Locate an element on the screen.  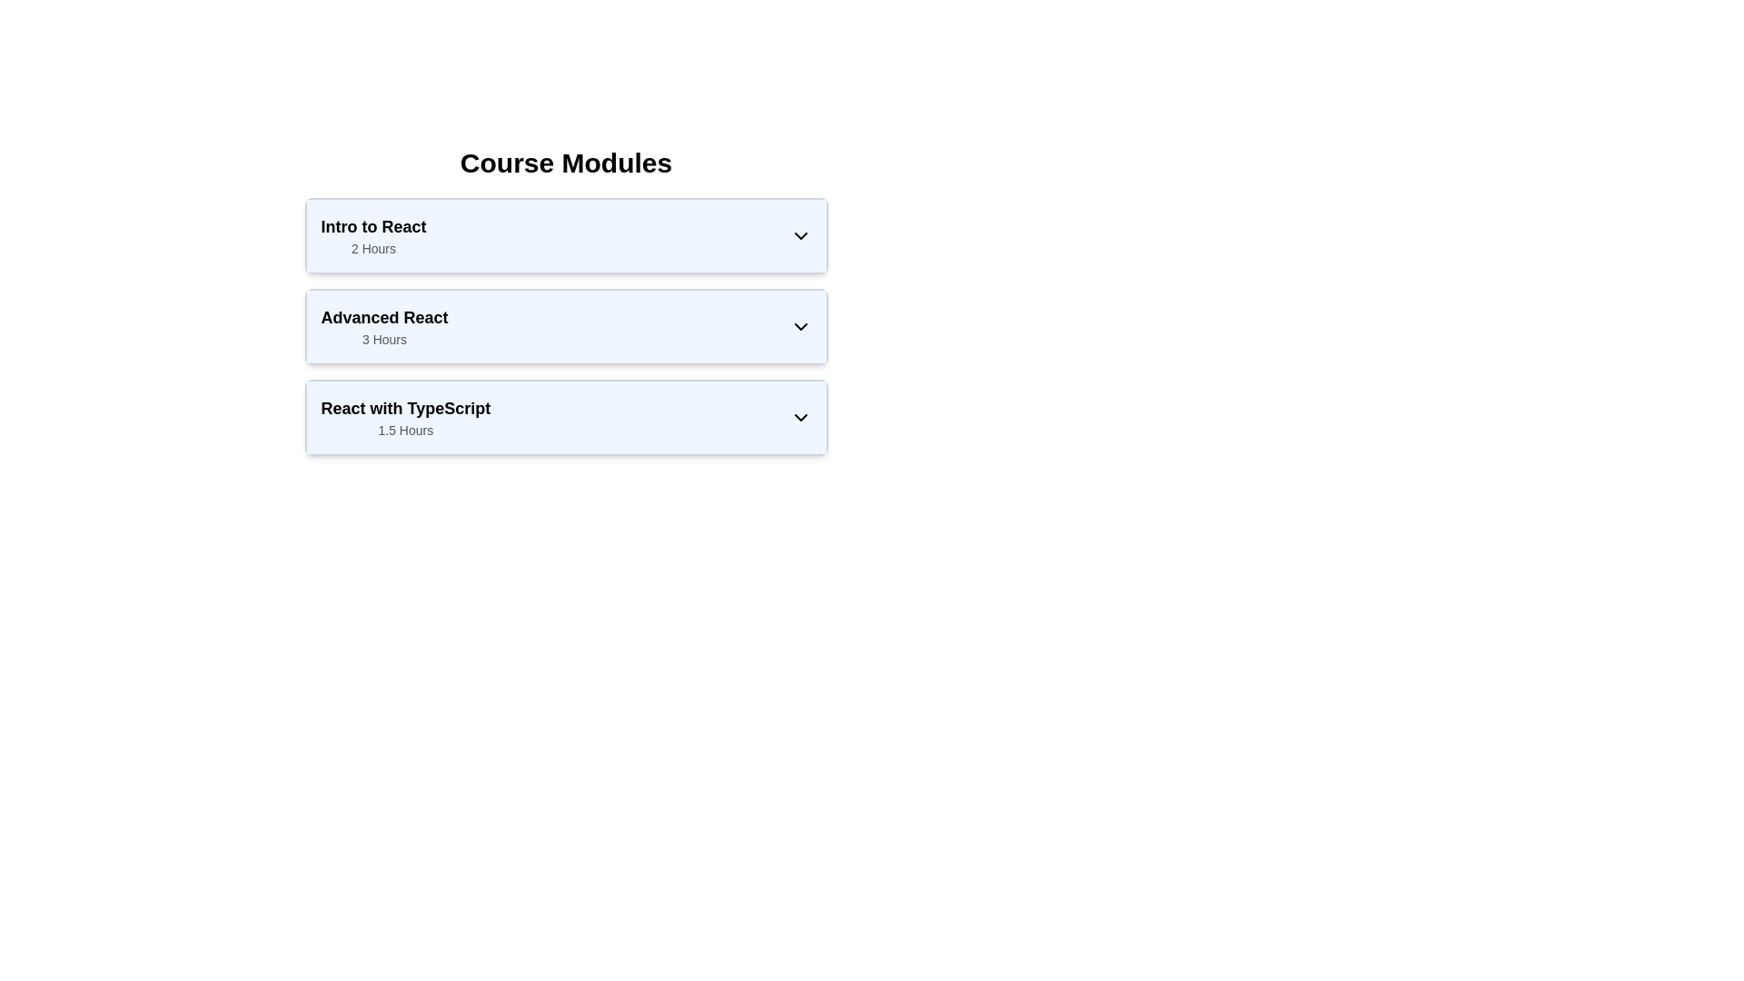
the downward-facing chevron icon indicating expandable sections in the 'React with TypeScript' module is located at coordinates (799, 417).